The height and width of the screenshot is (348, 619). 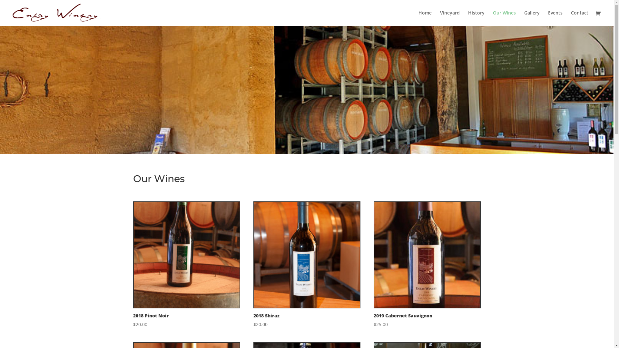 I want to click on 'Our Wines', so click(x=504, y=18).